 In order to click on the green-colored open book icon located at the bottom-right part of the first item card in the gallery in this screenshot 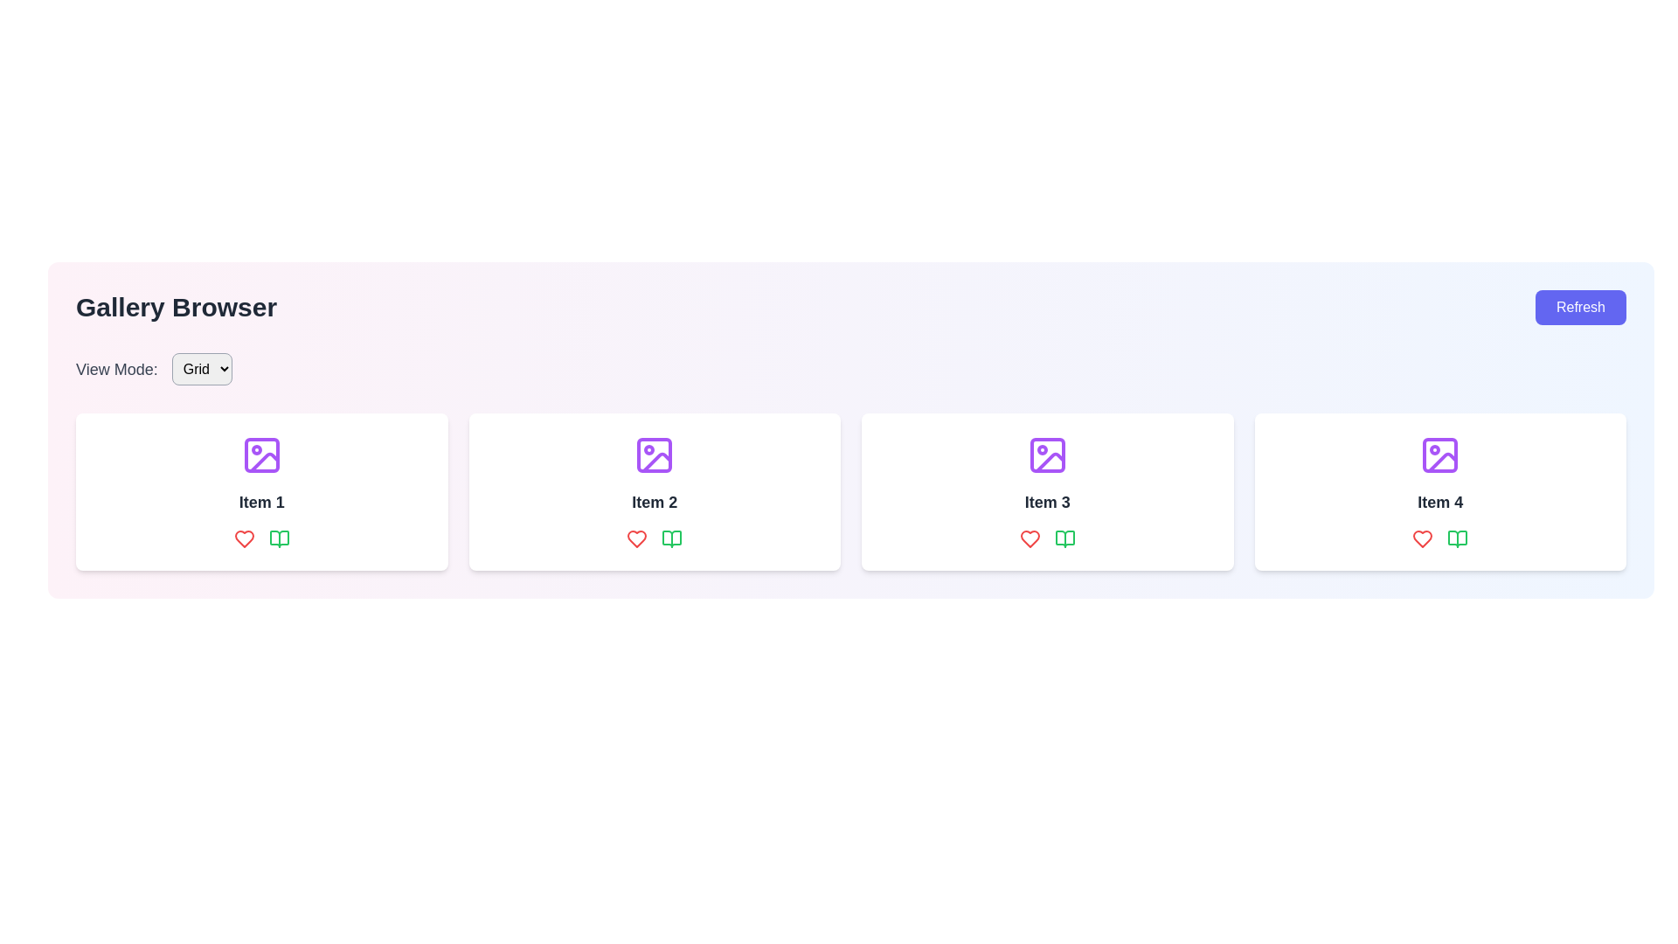, I will do `click(278, 538)`.